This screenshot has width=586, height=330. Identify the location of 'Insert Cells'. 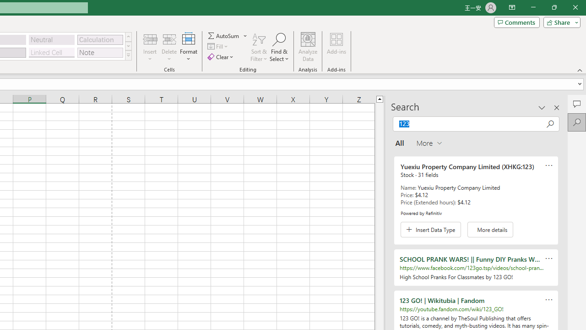
(150, 38).